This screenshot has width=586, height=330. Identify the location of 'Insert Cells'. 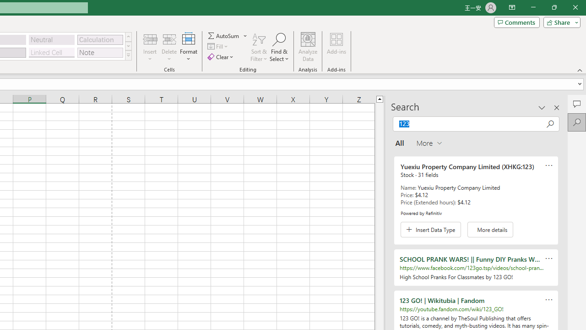
(150, 38).